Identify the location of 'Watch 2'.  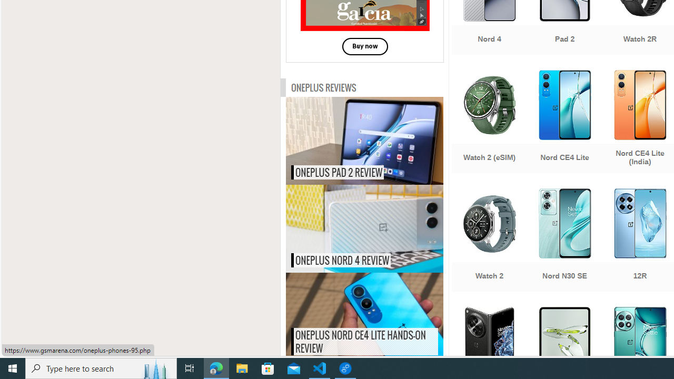
(489, 241).